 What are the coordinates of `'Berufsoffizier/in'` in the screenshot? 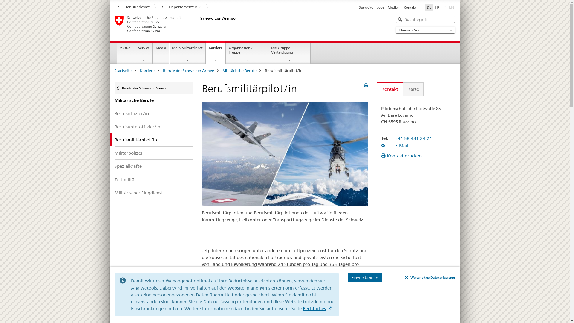 It's located at (114, 113).